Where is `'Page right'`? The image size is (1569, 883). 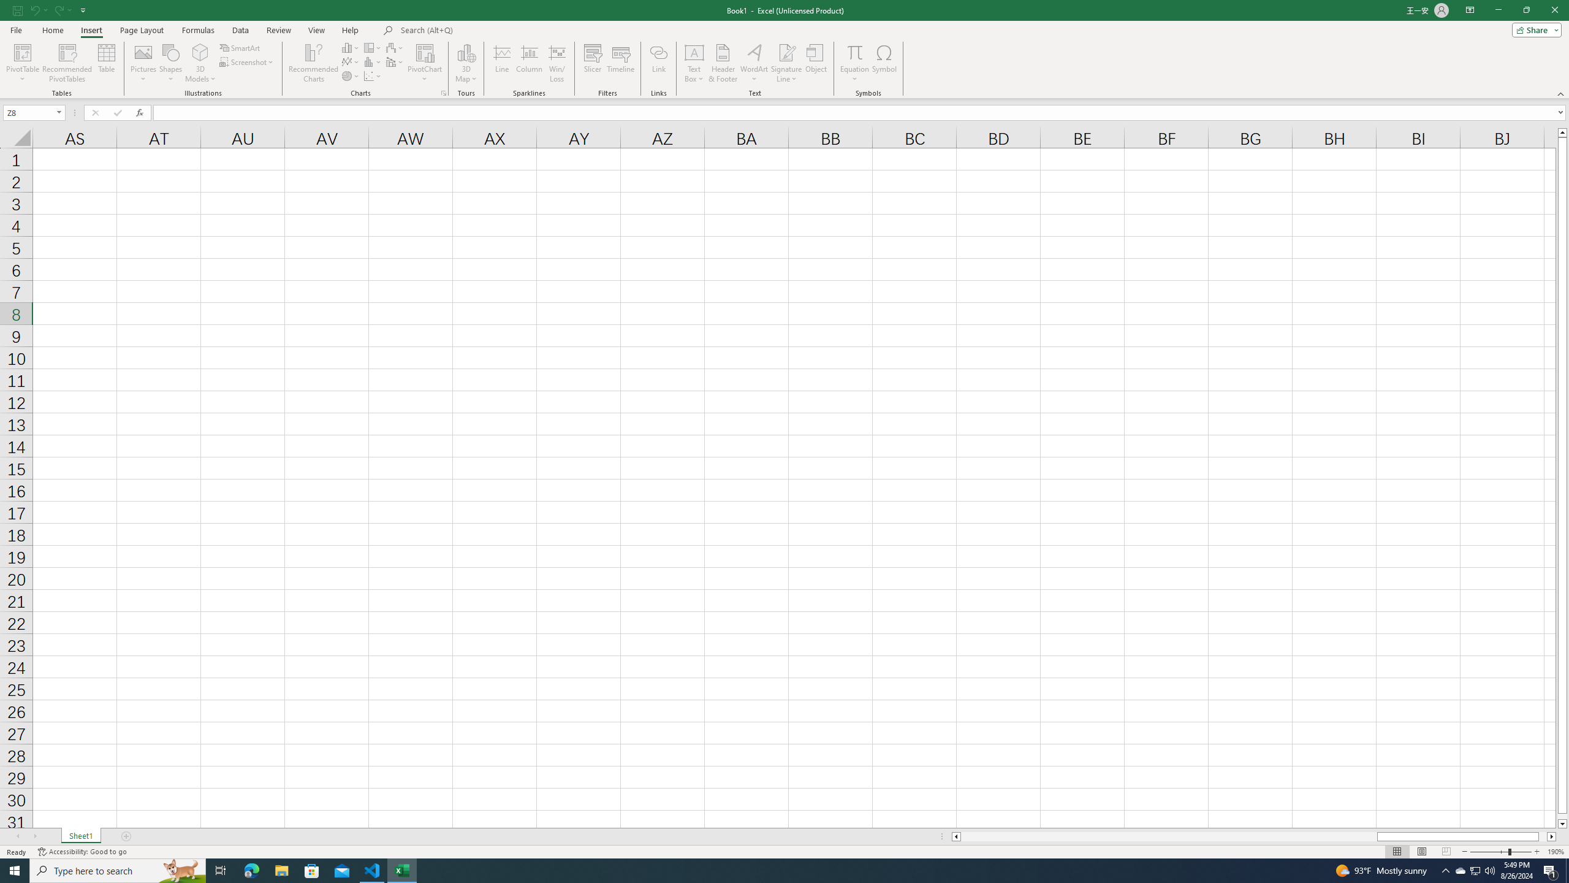
'Page right' is located at coordinates (1542, 836).